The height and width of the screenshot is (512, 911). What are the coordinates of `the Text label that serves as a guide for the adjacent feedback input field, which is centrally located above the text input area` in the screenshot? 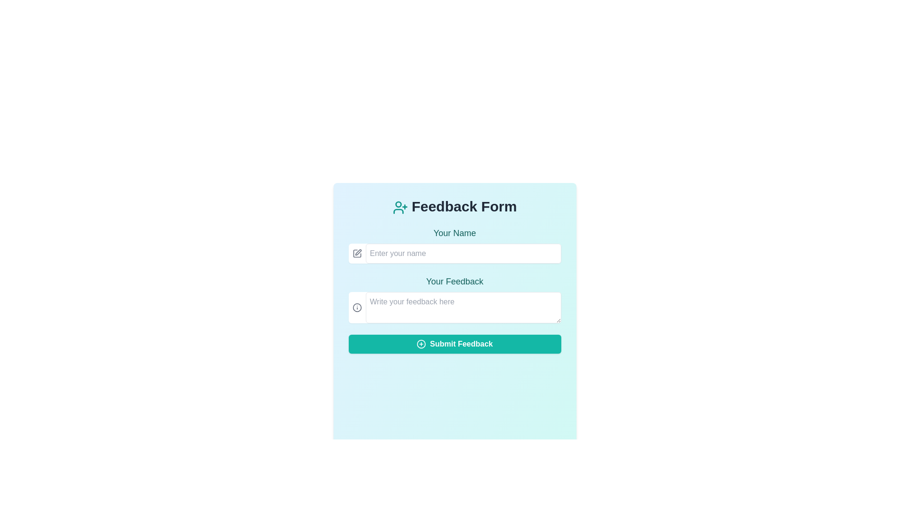 It's located at (454, 281).